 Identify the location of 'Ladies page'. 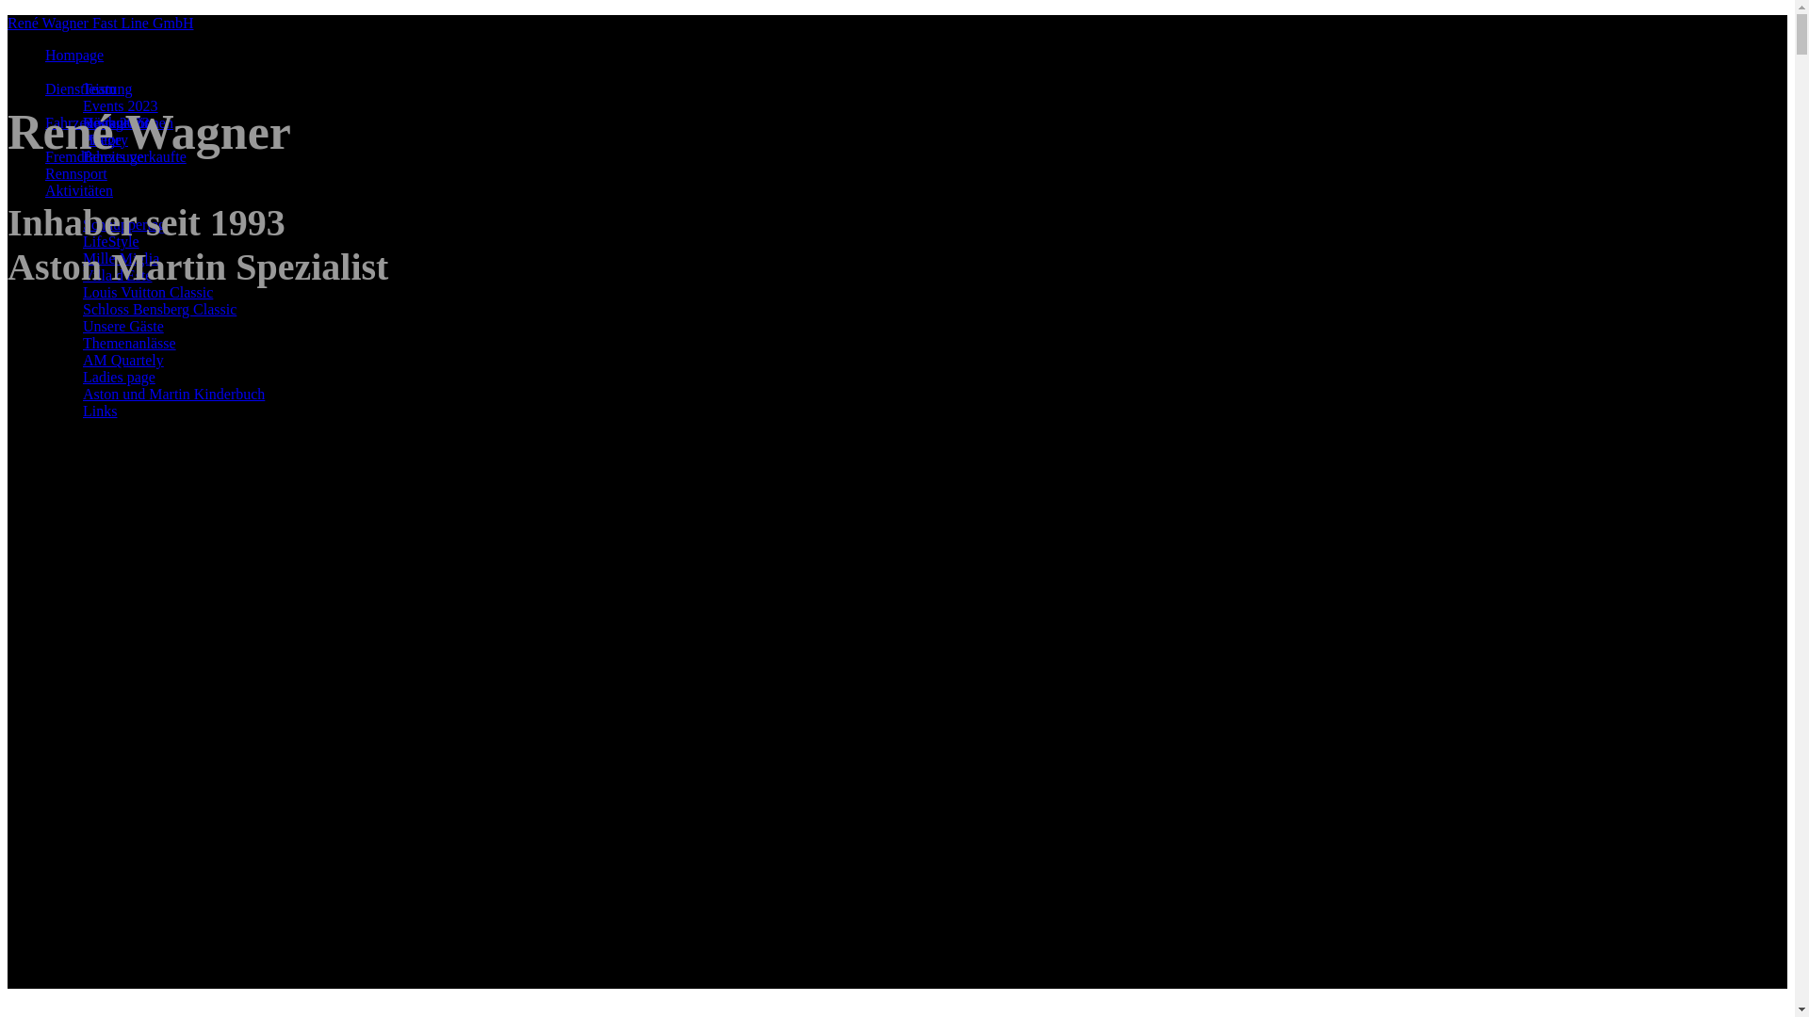
(118, 377).